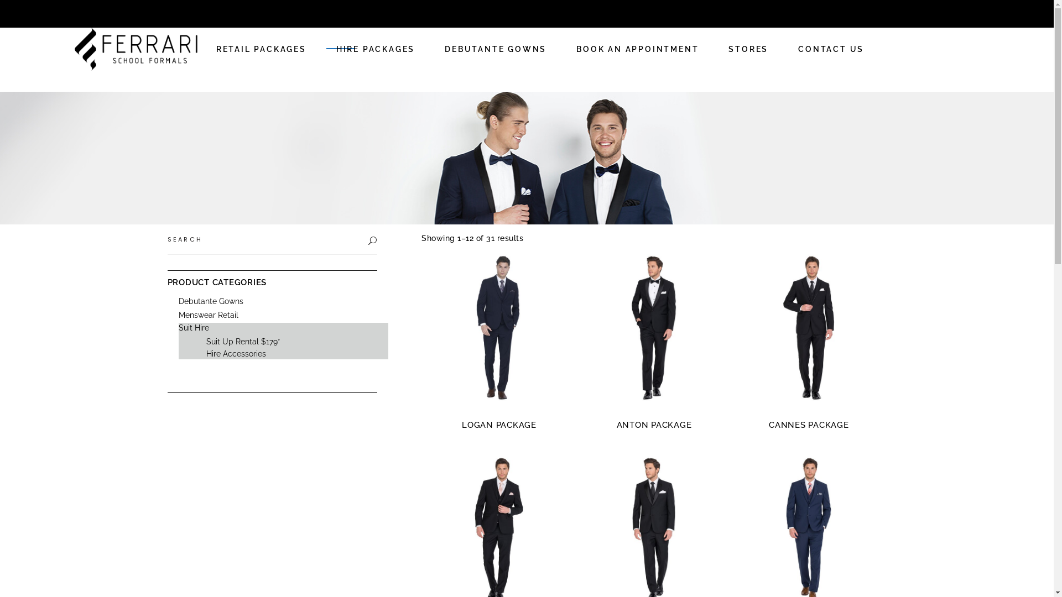 The image size is (1062, 597). I want to click on 'STORES', so click(748, 48).